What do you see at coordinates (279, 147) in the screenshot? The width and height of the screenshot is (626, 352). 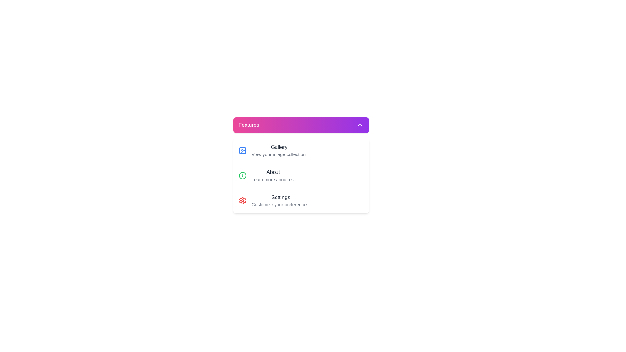 I see `the 'Gallery' text label located at the top of the first item in the dropdown menu under 'Features', which identifies the section for viewing the image collection` at bounding box center [279, 147].